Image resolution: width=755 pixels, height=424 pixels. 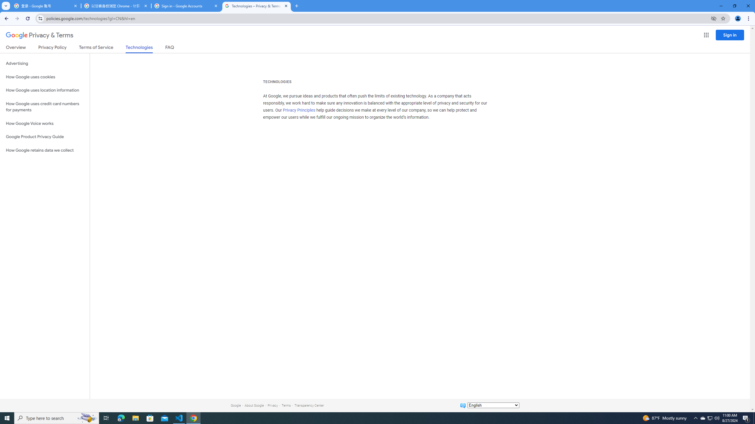 I want to click on 'How Google Voice works', so click(x=45, y=123).